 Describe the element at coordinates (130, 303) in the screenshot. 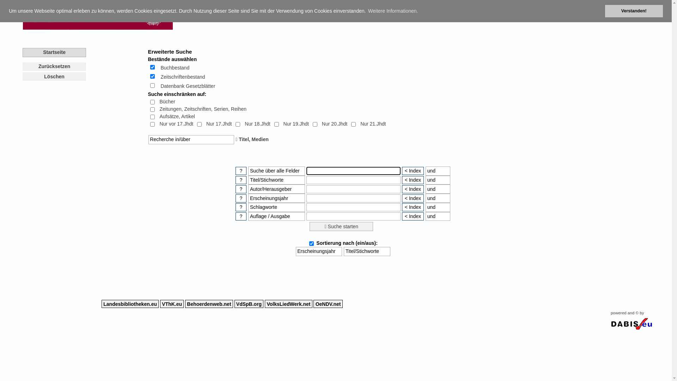

I see `'Landesbibliotheken.eu'` at that location.